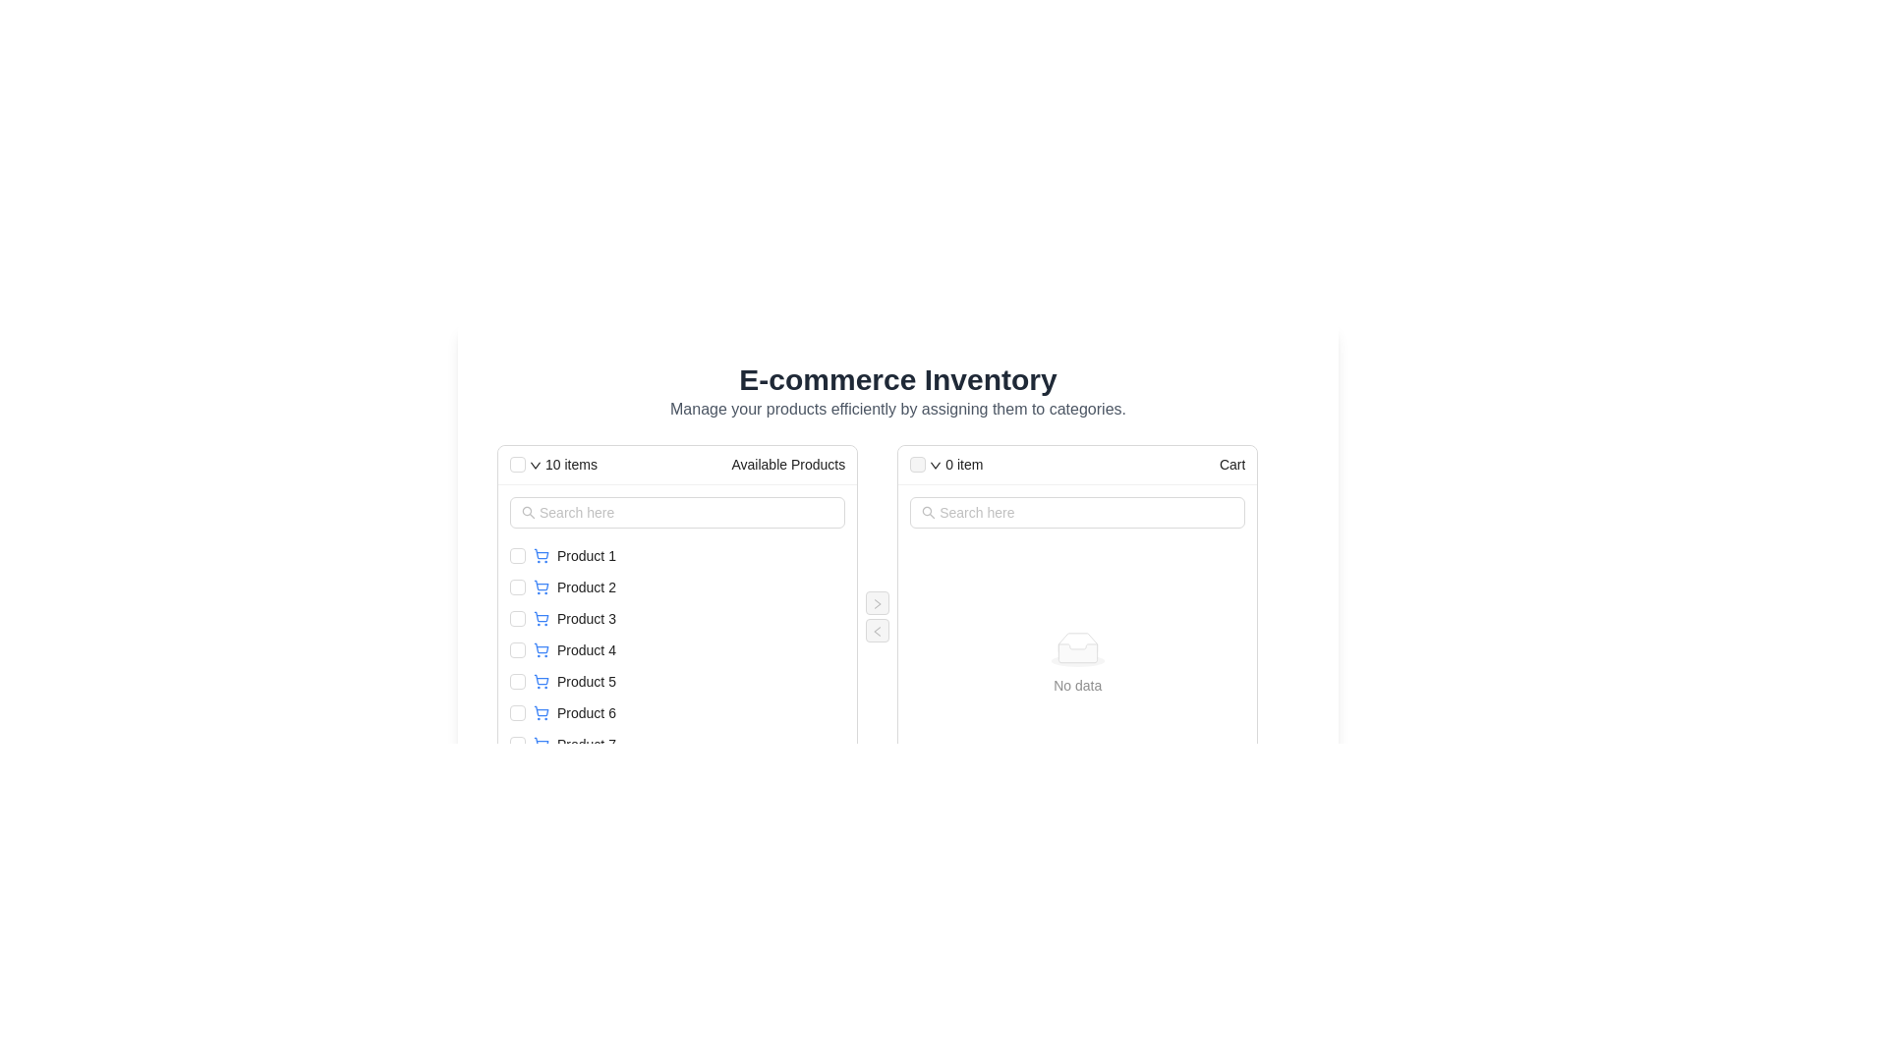  Describe the element at coordinates (877, 631) in the screenshot. I see `the icon representing the control for navigation or item transfer` at that location.